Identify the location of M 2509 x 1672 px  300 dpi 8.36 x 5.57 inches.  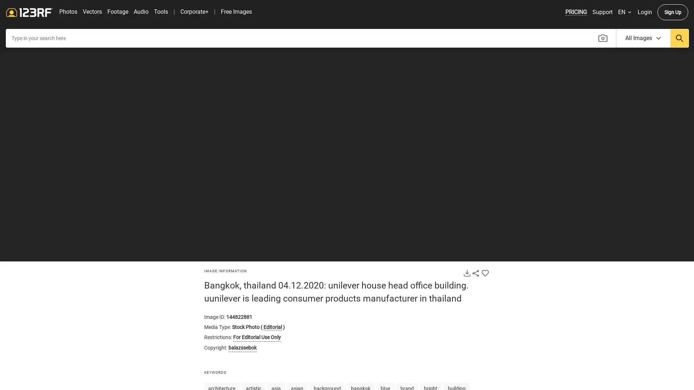
(640, 168).